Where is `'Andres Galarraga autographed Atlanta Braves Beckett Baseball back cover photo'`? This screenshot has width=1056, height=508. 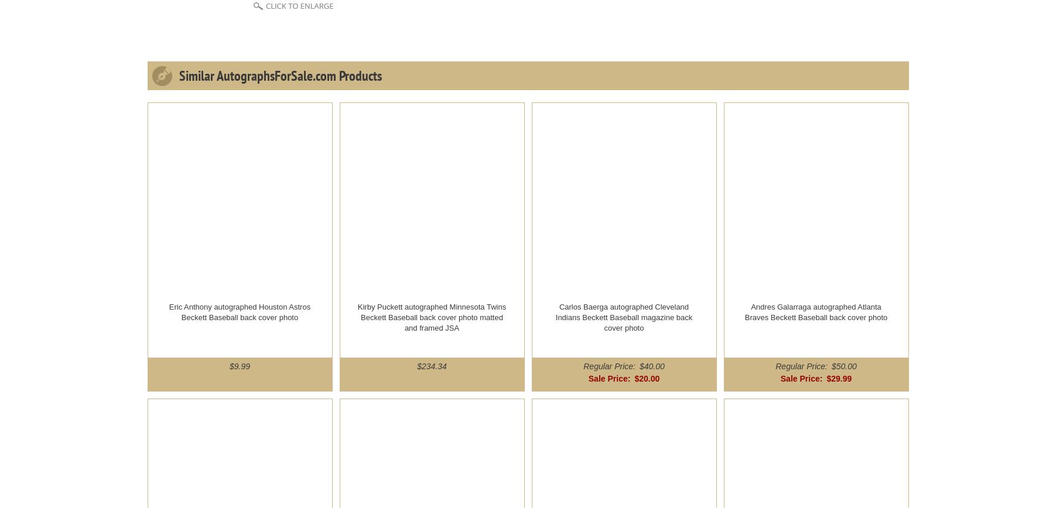
'Andres Galarraga autographed Atlanta Braves Beckett Baseball back cover photo' is located at coordinates (815, 312).